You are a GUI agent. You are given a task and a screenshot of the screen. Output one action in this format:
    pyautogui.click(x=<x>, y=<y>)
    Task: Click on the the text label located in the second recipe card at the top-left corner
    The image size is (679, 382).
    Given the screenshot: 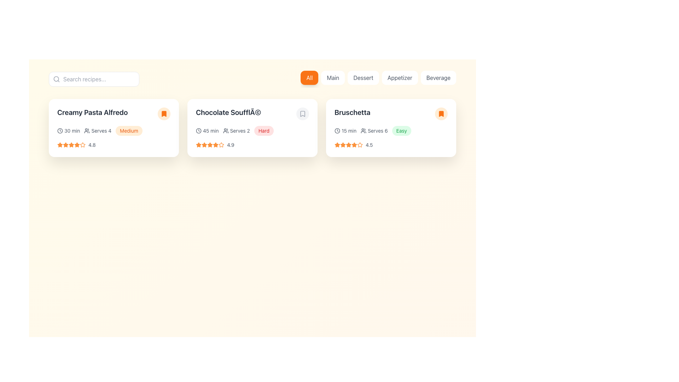 What is the action you would take?
    pyautogui.click(x=228, y=112)
    